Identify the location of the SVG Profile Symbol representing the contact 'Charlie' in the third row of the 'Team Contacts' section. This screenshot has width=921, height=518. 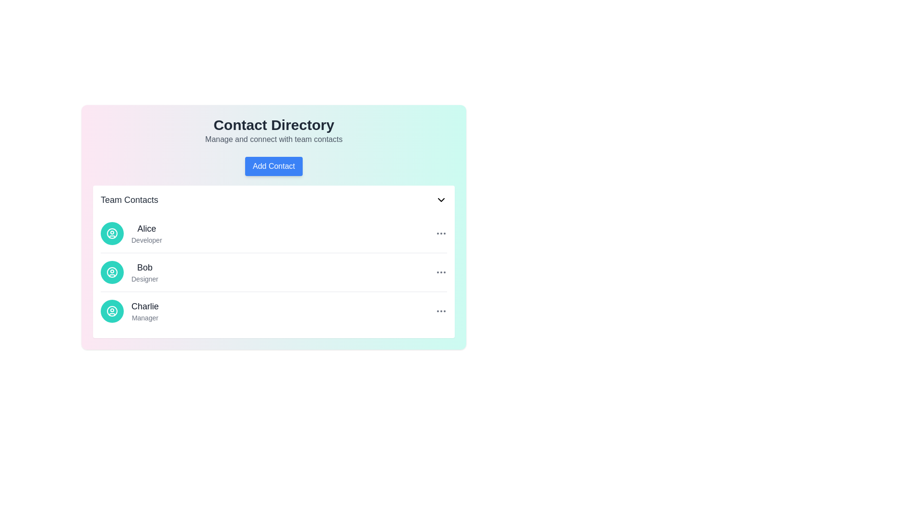
(112, 311).